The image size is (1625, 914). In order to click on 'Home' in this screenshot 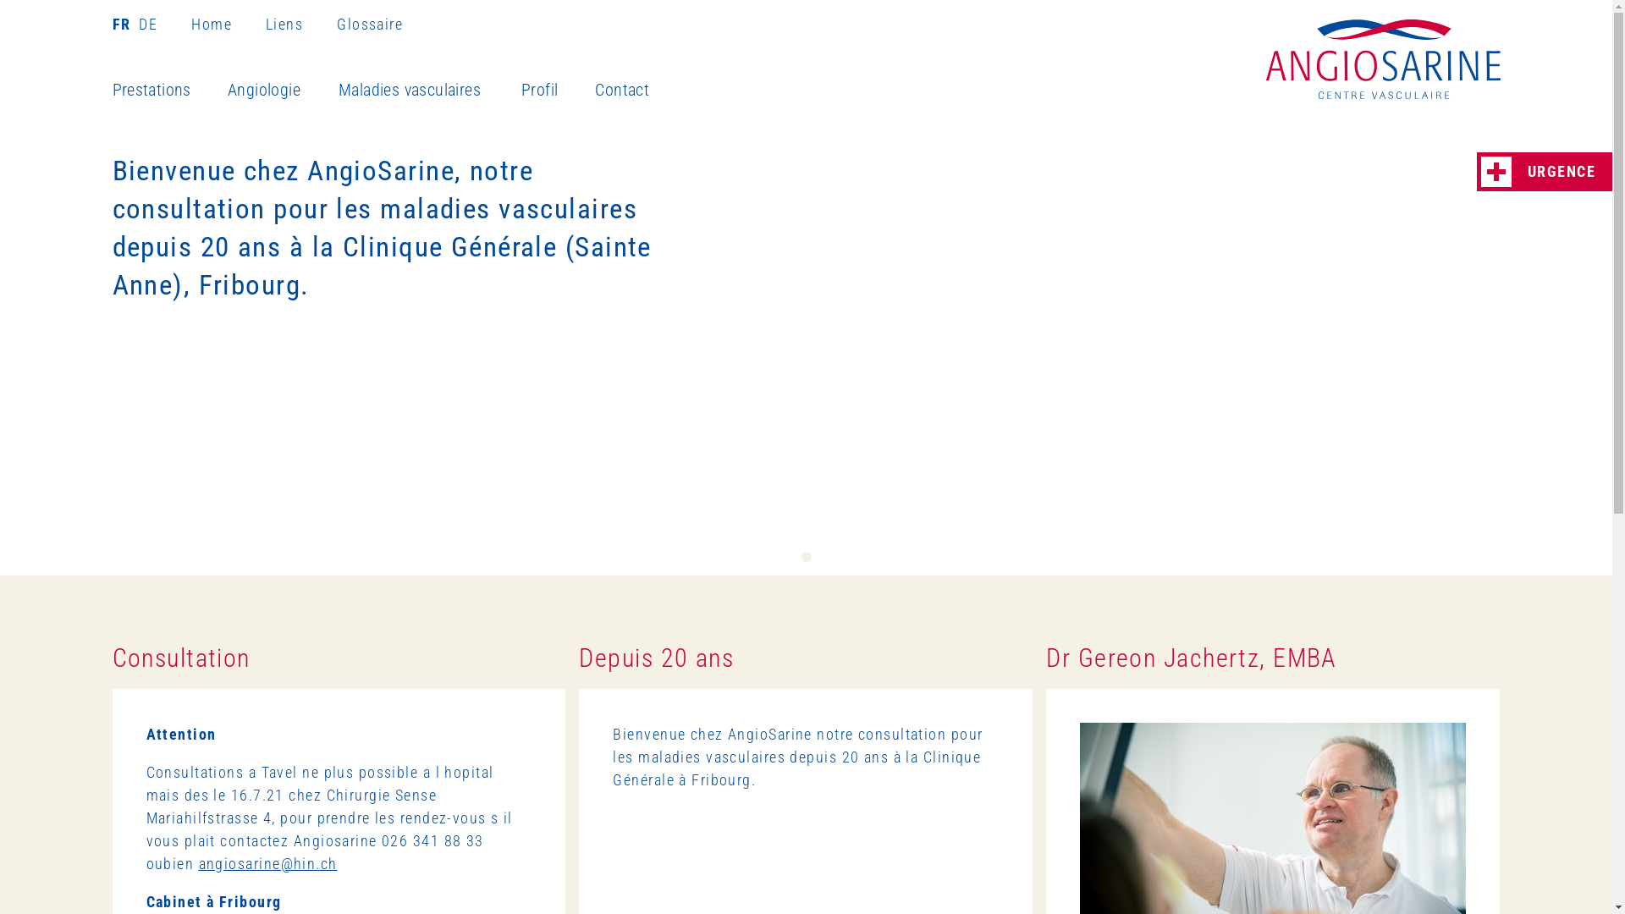, I will do `click(227, 24)`.